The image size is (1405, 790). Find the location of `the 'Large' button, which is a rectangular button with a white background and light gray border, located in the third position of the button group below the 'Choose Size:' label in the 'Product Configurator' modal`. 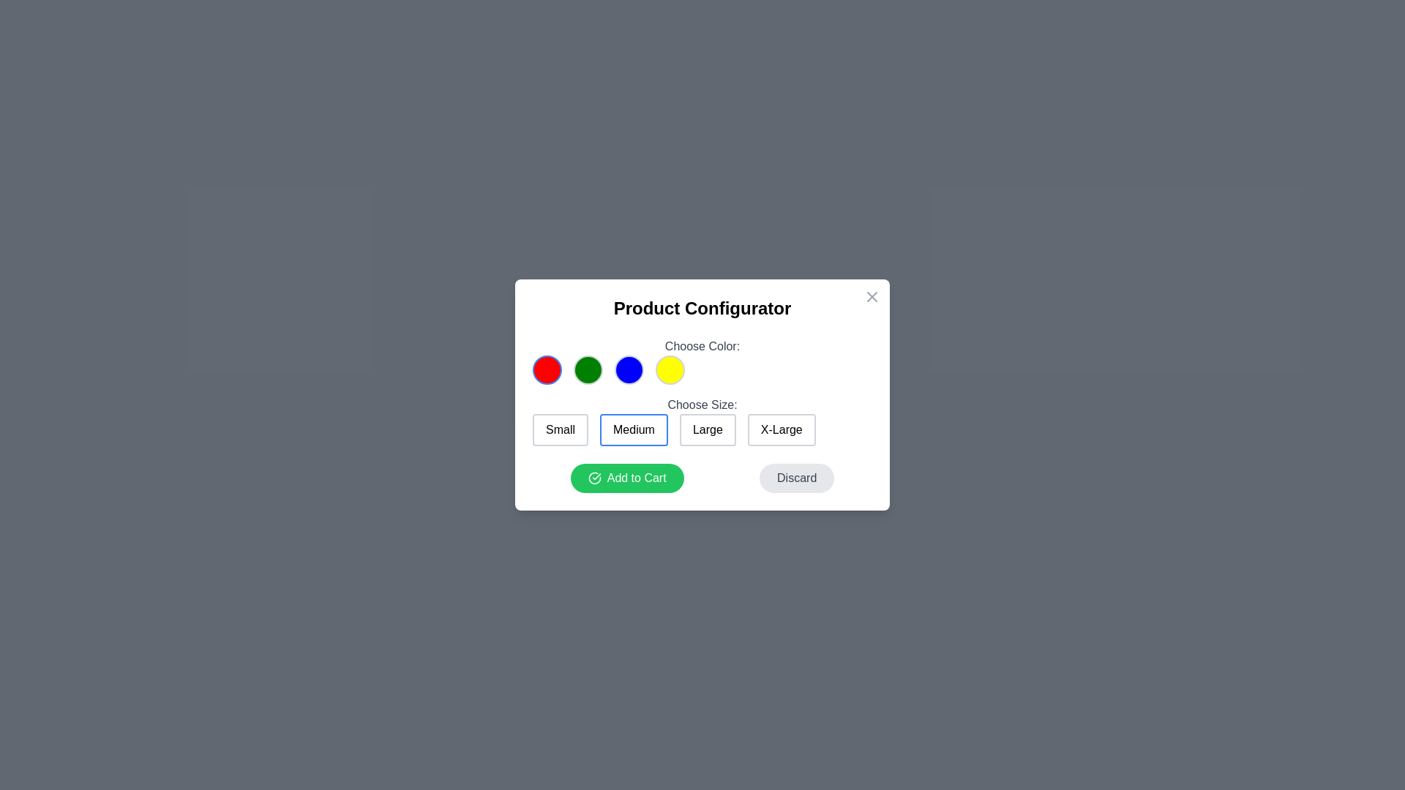

the 'Large' button, which is a rectangular button with a white background and light gray border, located in the third position of the button group below the 'Choose Size:' label in the 'Product Configurator' modal is located at coordinates (708, 429).